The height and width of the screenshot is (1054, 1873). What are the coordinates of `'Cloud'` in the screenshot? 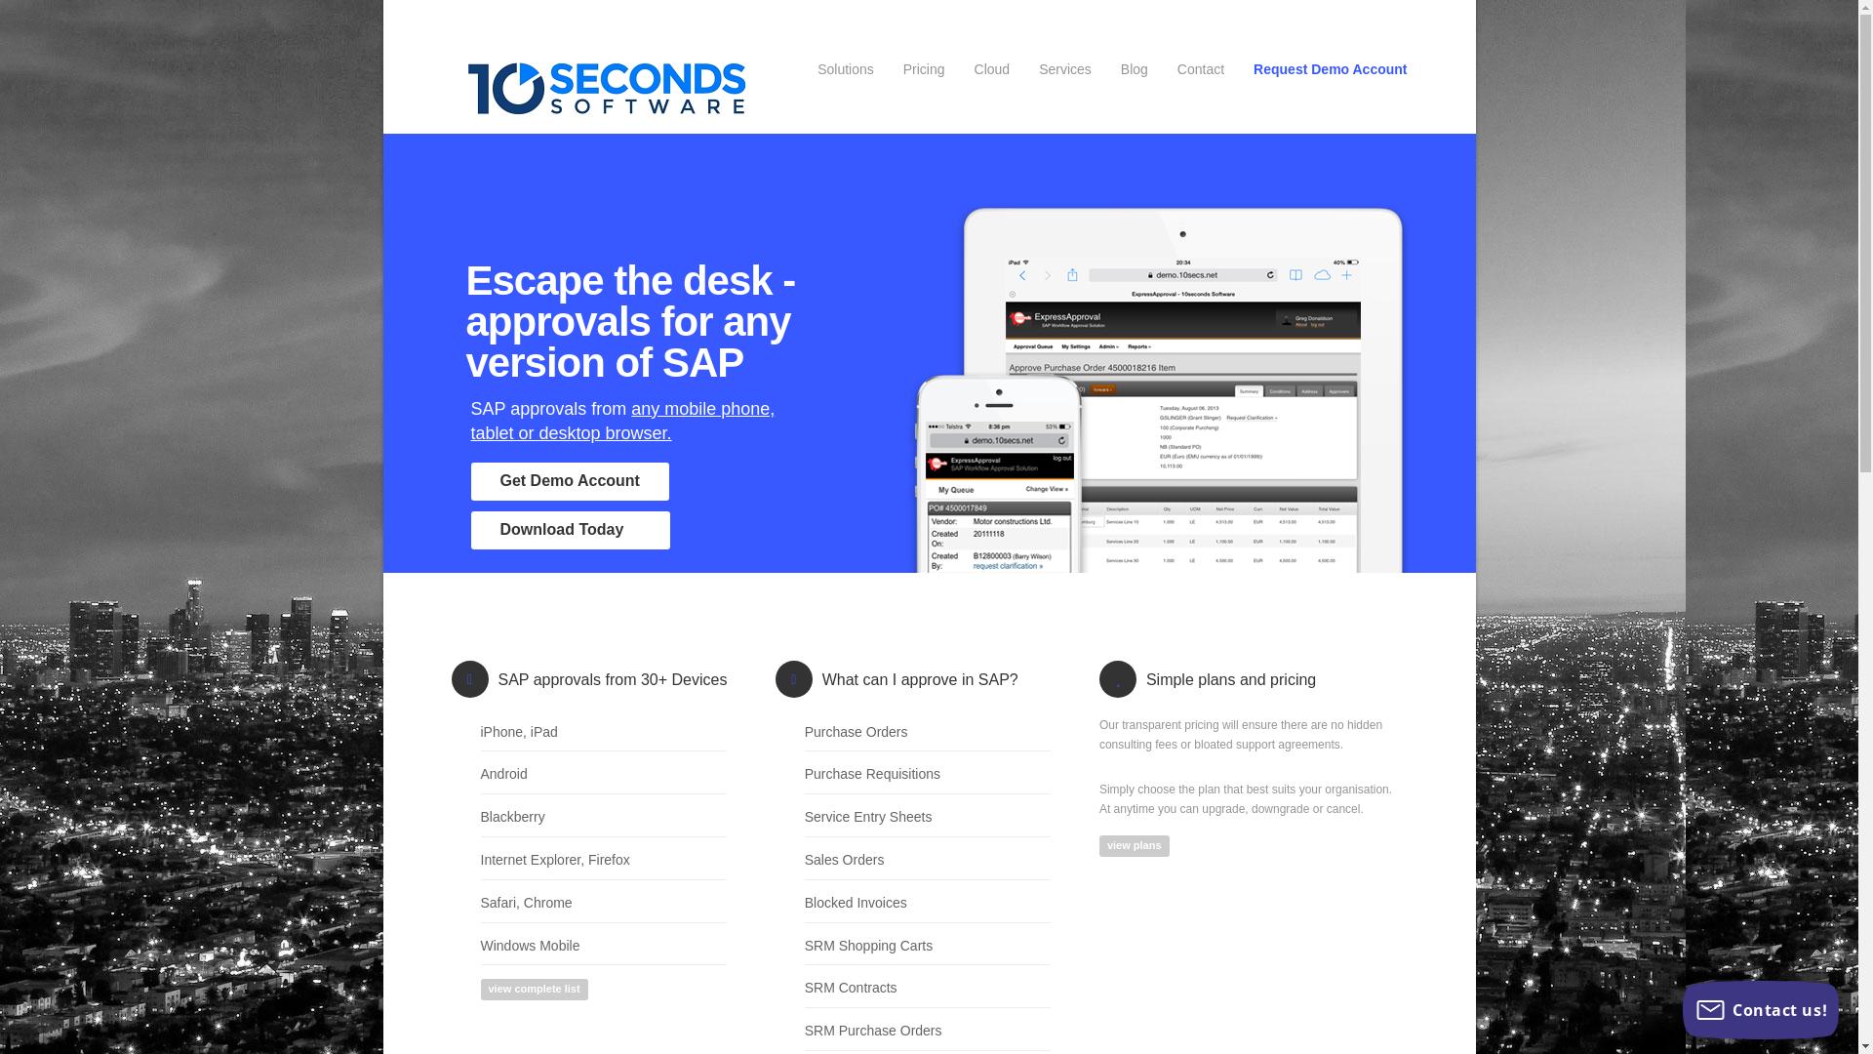 It's located at (992, 71).